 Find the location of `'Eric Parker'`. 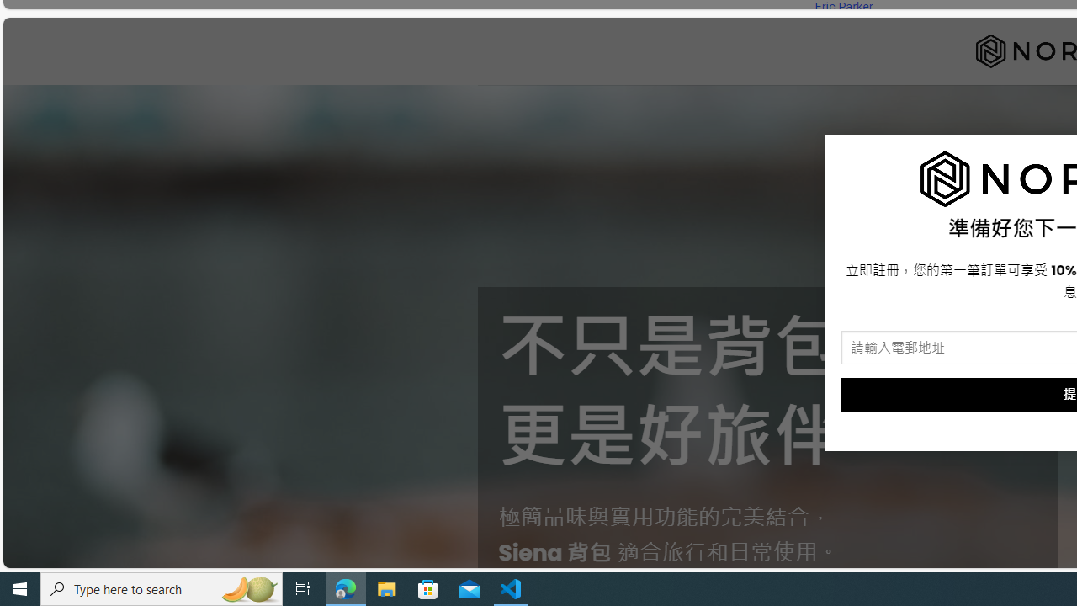

'Eric Parker' is located at coordinates (843, 7).